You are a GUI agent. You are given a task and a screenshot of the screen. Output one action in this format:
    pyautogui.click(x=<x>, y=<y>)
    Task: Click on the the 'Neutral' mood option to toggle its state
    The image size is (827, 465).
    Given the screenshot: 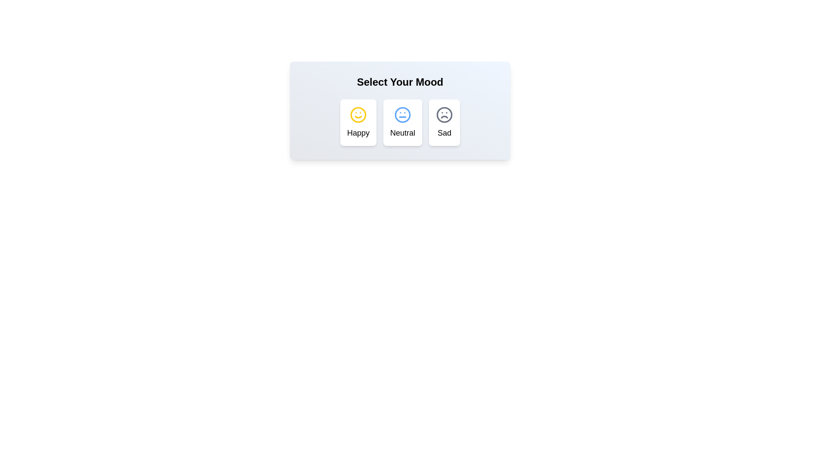 What is the action you would take?
    pyautogui.click(x=402, y=123)
    